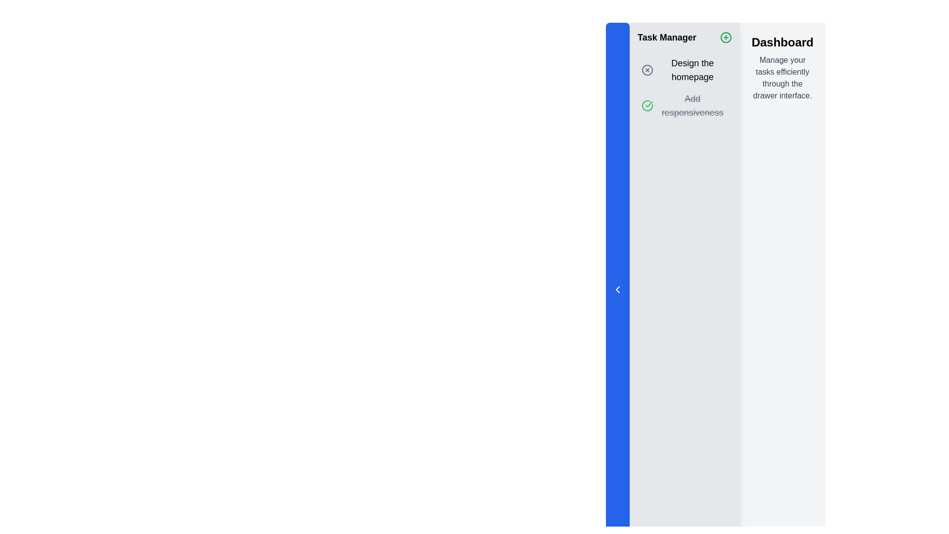 This screenshot has height=534, width=949. I want to click on the task completion icon that signifies the successful completion of the 'Add responsiveness' task, located near the center of the side panel, below 'Design the homepage' and above 'Add responsiveness', so click(647, 105).